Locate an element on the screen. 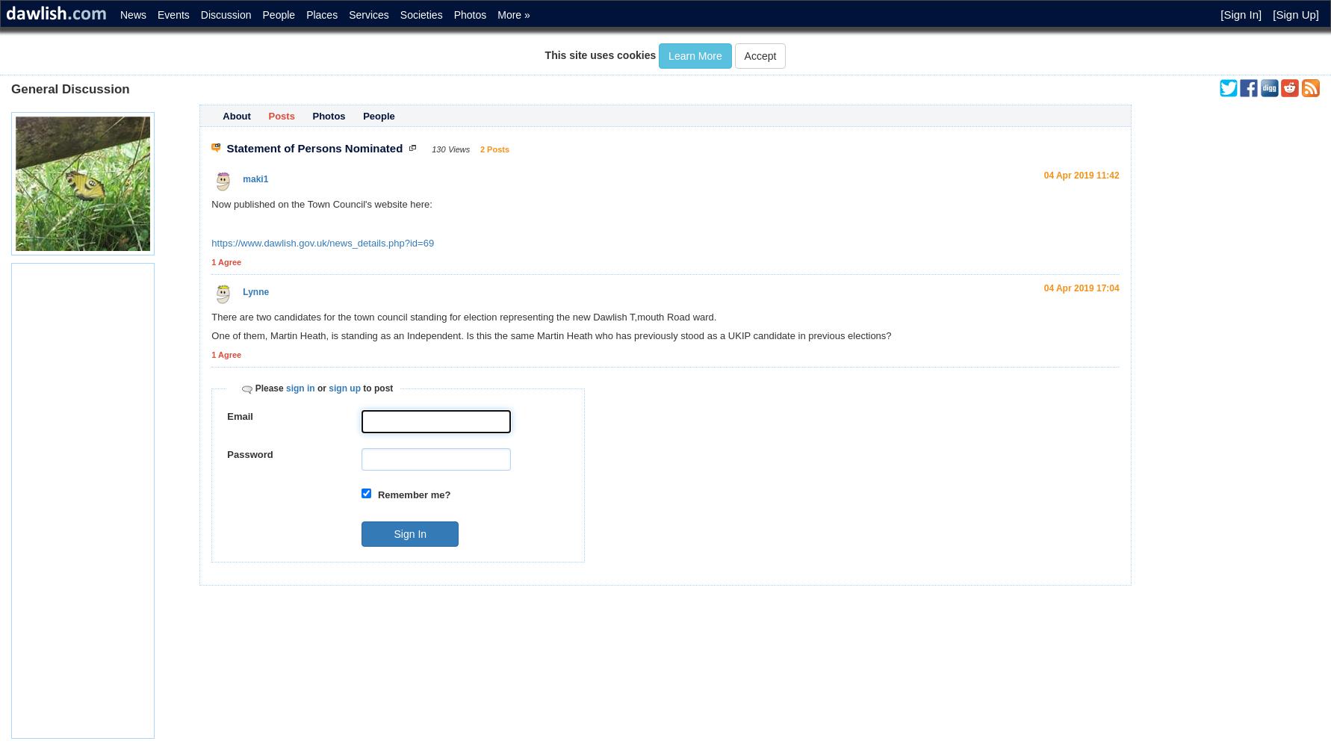 The width and height of the screenshot is (1331, 747). 'Sign In' is located at coordinates (410, 533).